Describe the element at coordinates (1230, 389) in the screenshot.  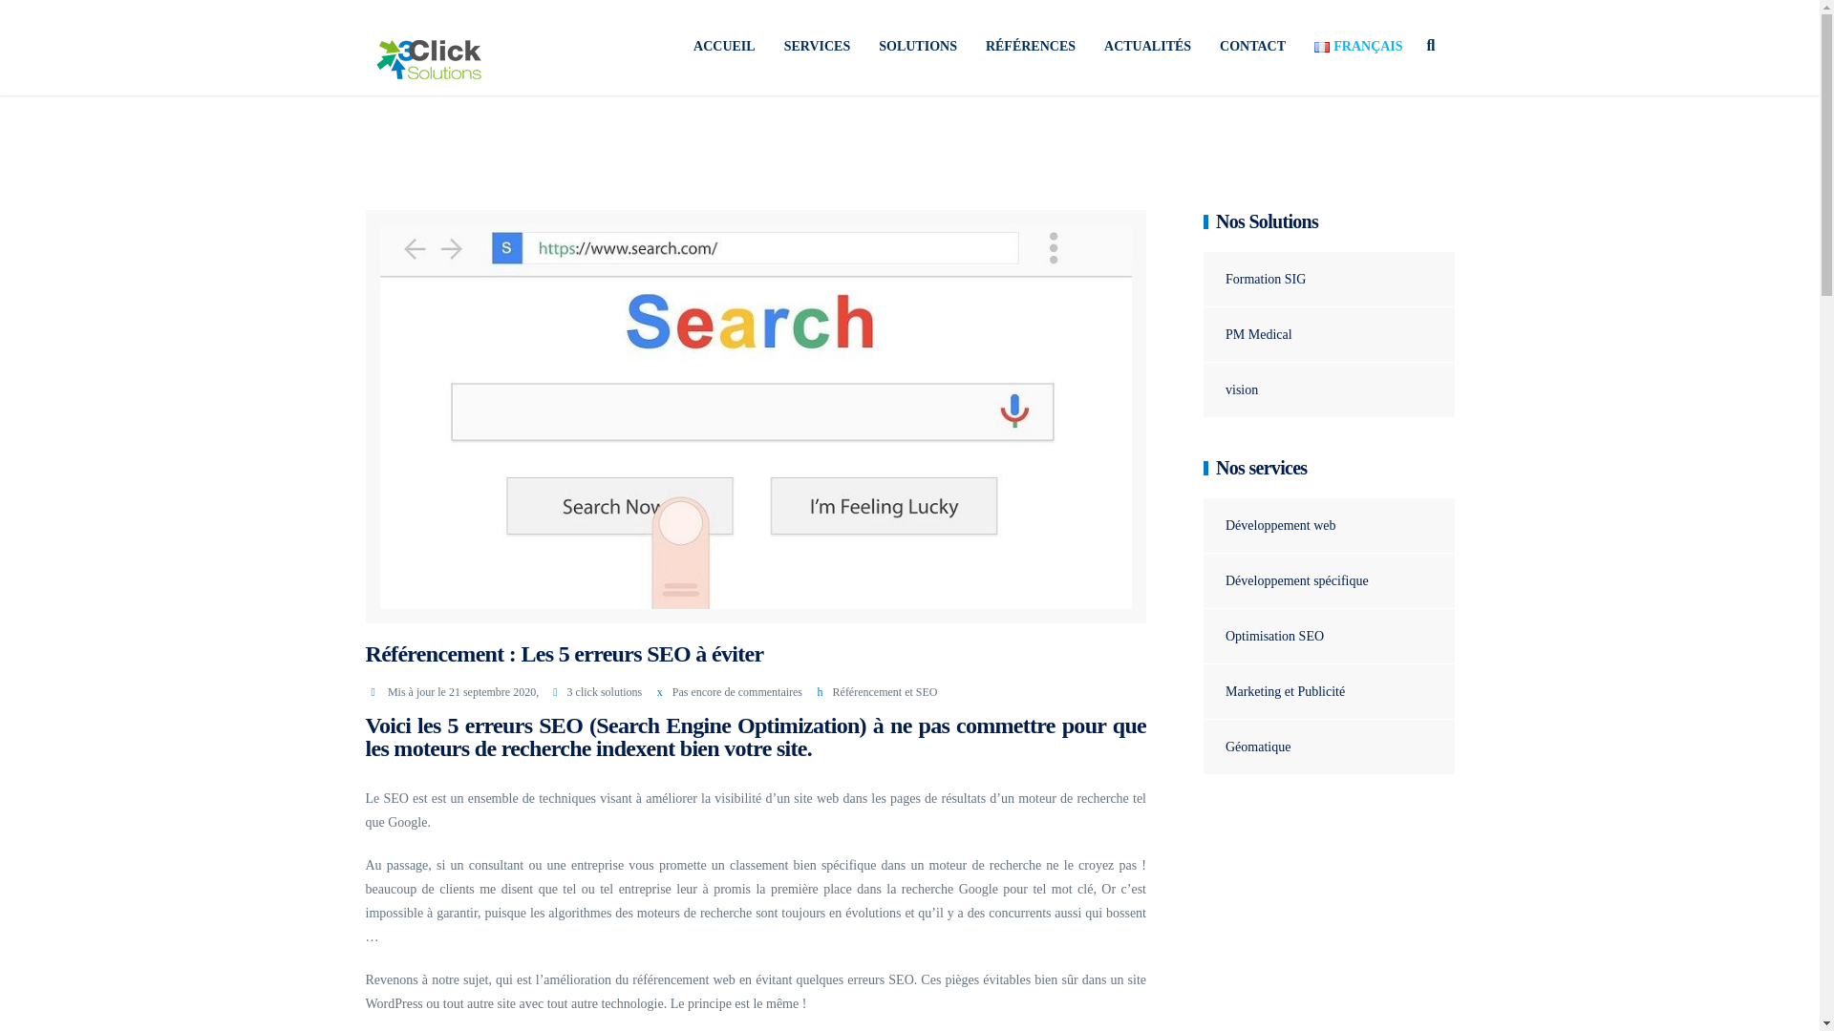
I see `'vision'` at that location.